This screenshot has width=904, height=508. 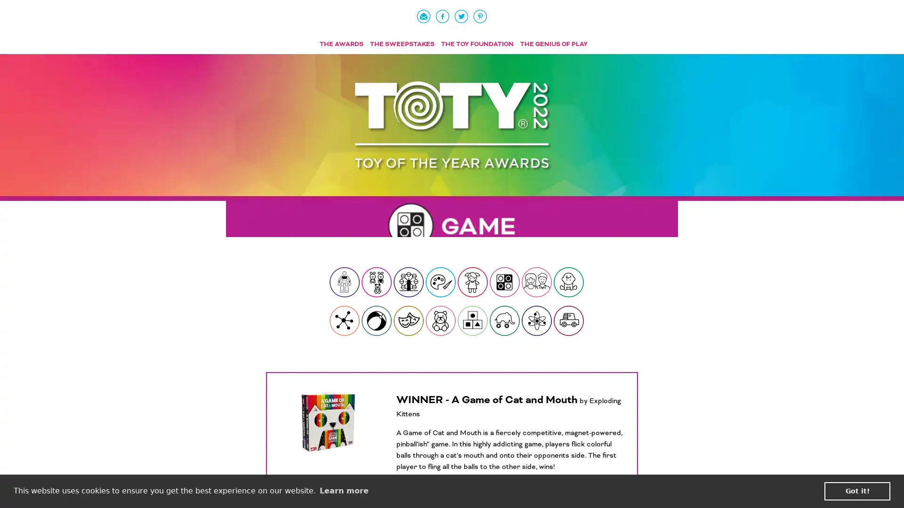 What do you see at coordinates (344, 320) in the screenshot?
I see `Submit` at bounding box center [344, 320].